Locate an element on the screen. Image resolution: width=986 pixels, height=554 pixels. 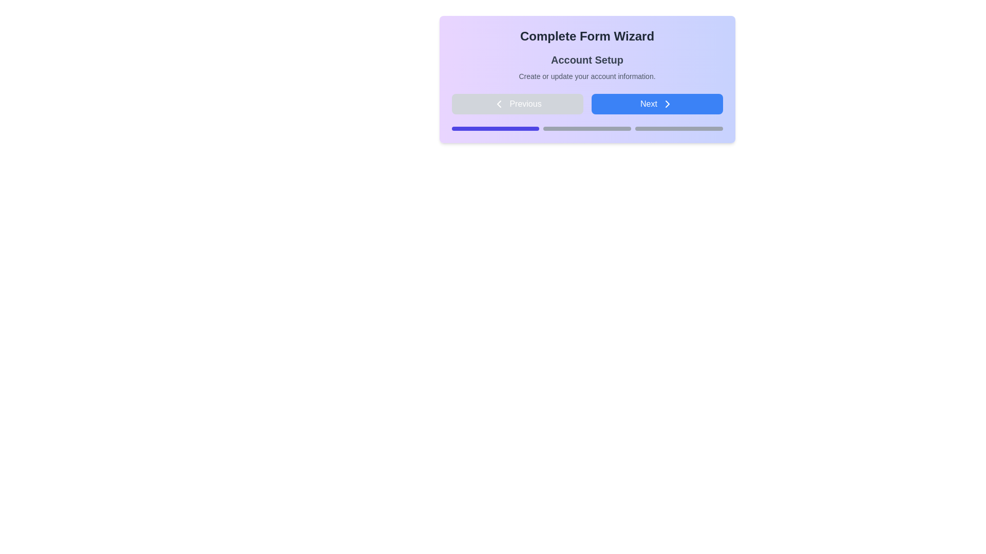
the Text Display element that introduces the purpose of the current step as 'Account Setup', located centrally under the title 'Complete Form Wizard' is located at coordinates (587, 67).